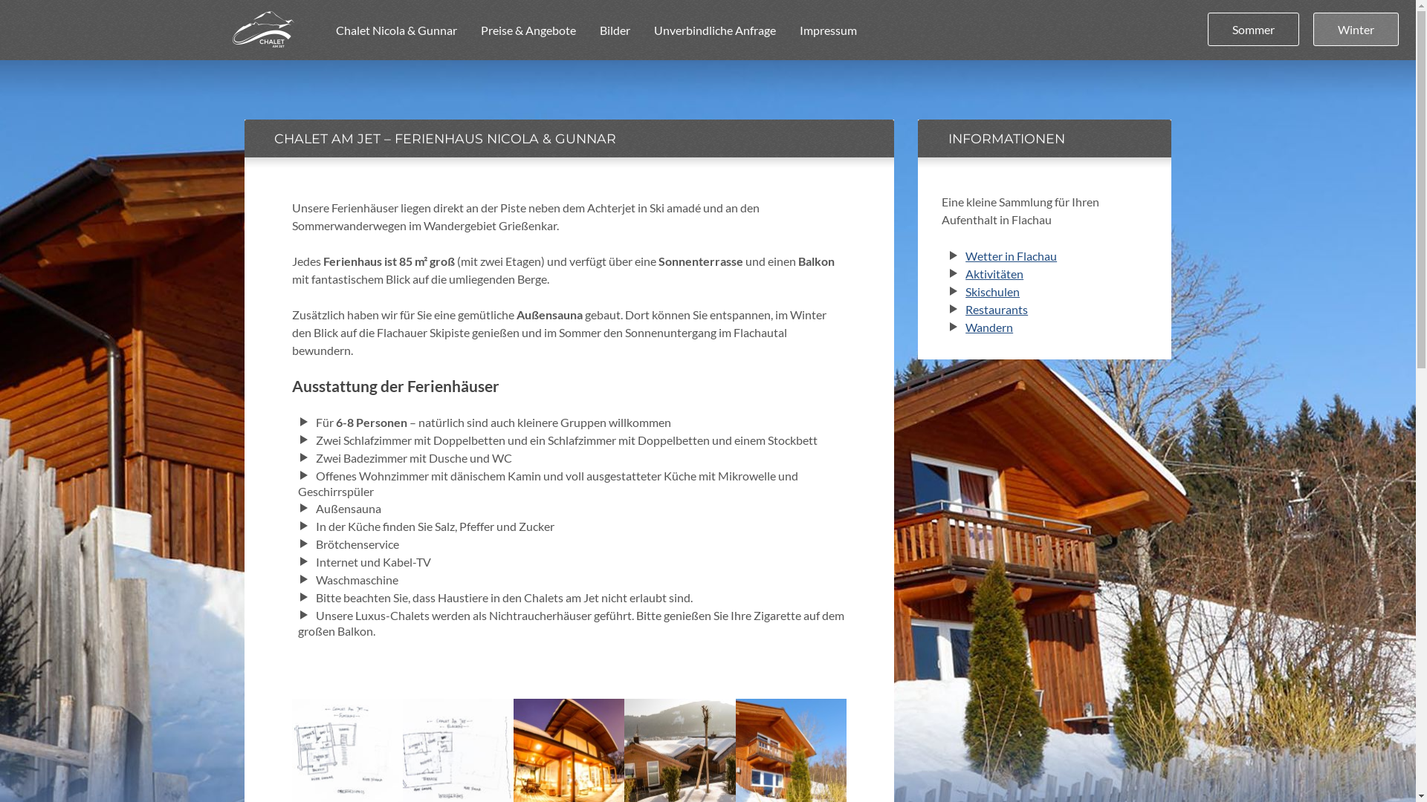 The height and width of the screenshot is (802, 1427). Describe the element at coordinates (996, 308) in the screenshot. I see `'Restaurants'` at that location.